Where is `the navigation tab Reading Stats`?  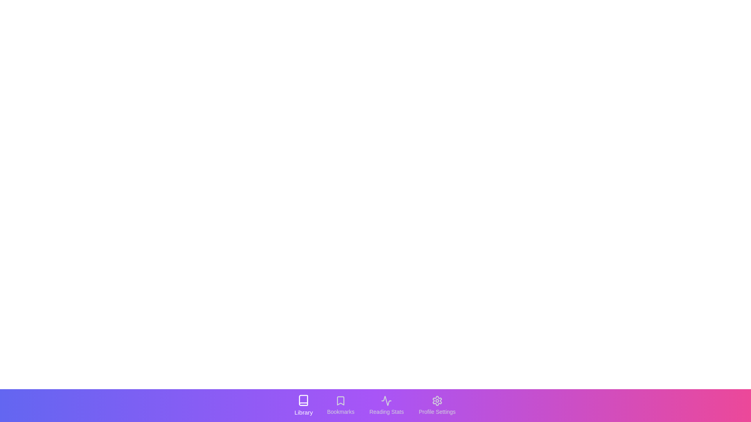 the navigation tab Reading Stats is located at coordinates (386, 405).